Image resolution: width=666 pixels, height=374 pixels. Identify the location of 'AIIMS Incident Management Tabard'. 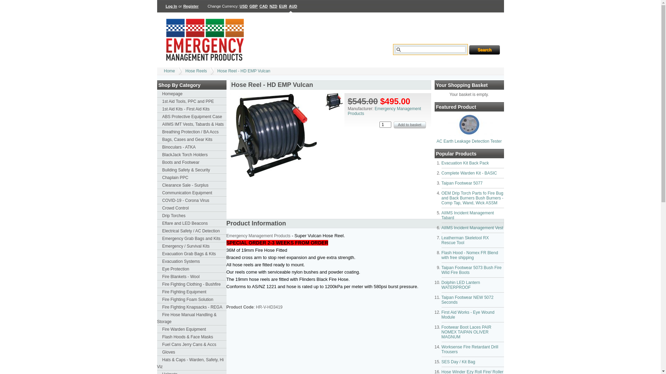
(467, 215).